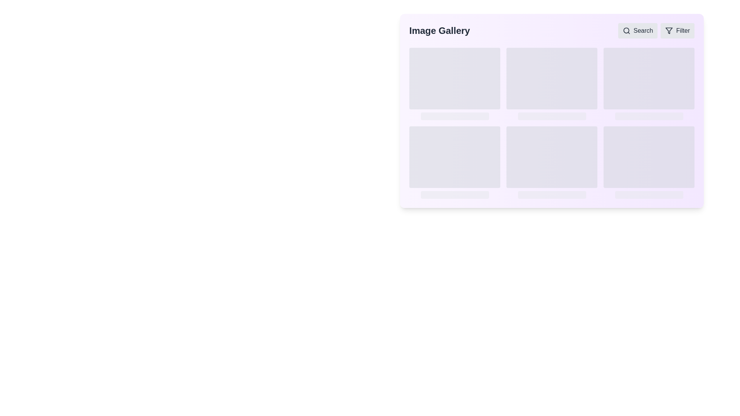 This screenshot has width=740, height=416. What do you see at coordinates (649, 79) in the screenshot?
I see `the placeholder element located in the top right quadrant of the grid-based gallery layout, which serves as a frame for content` at bounding box center [649, 79].